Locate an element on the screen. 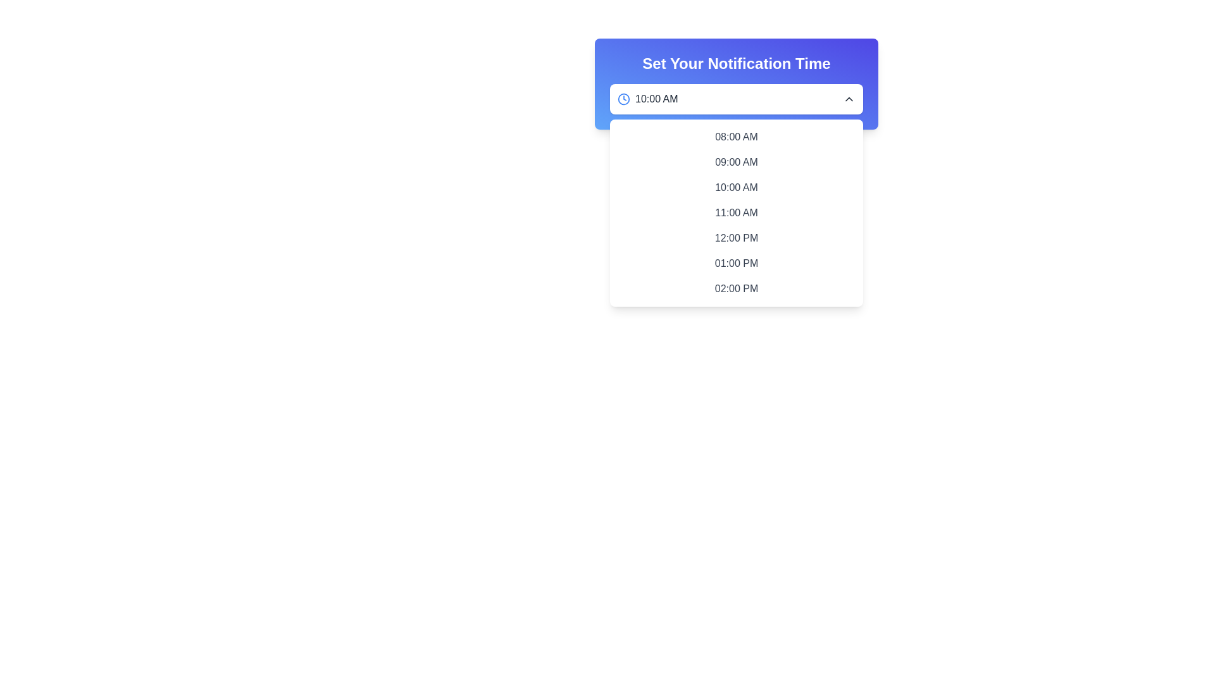 The image size is (1215, 683). the '08:00 AM' option in the dropdown menu is located at coordinates (736, 137).